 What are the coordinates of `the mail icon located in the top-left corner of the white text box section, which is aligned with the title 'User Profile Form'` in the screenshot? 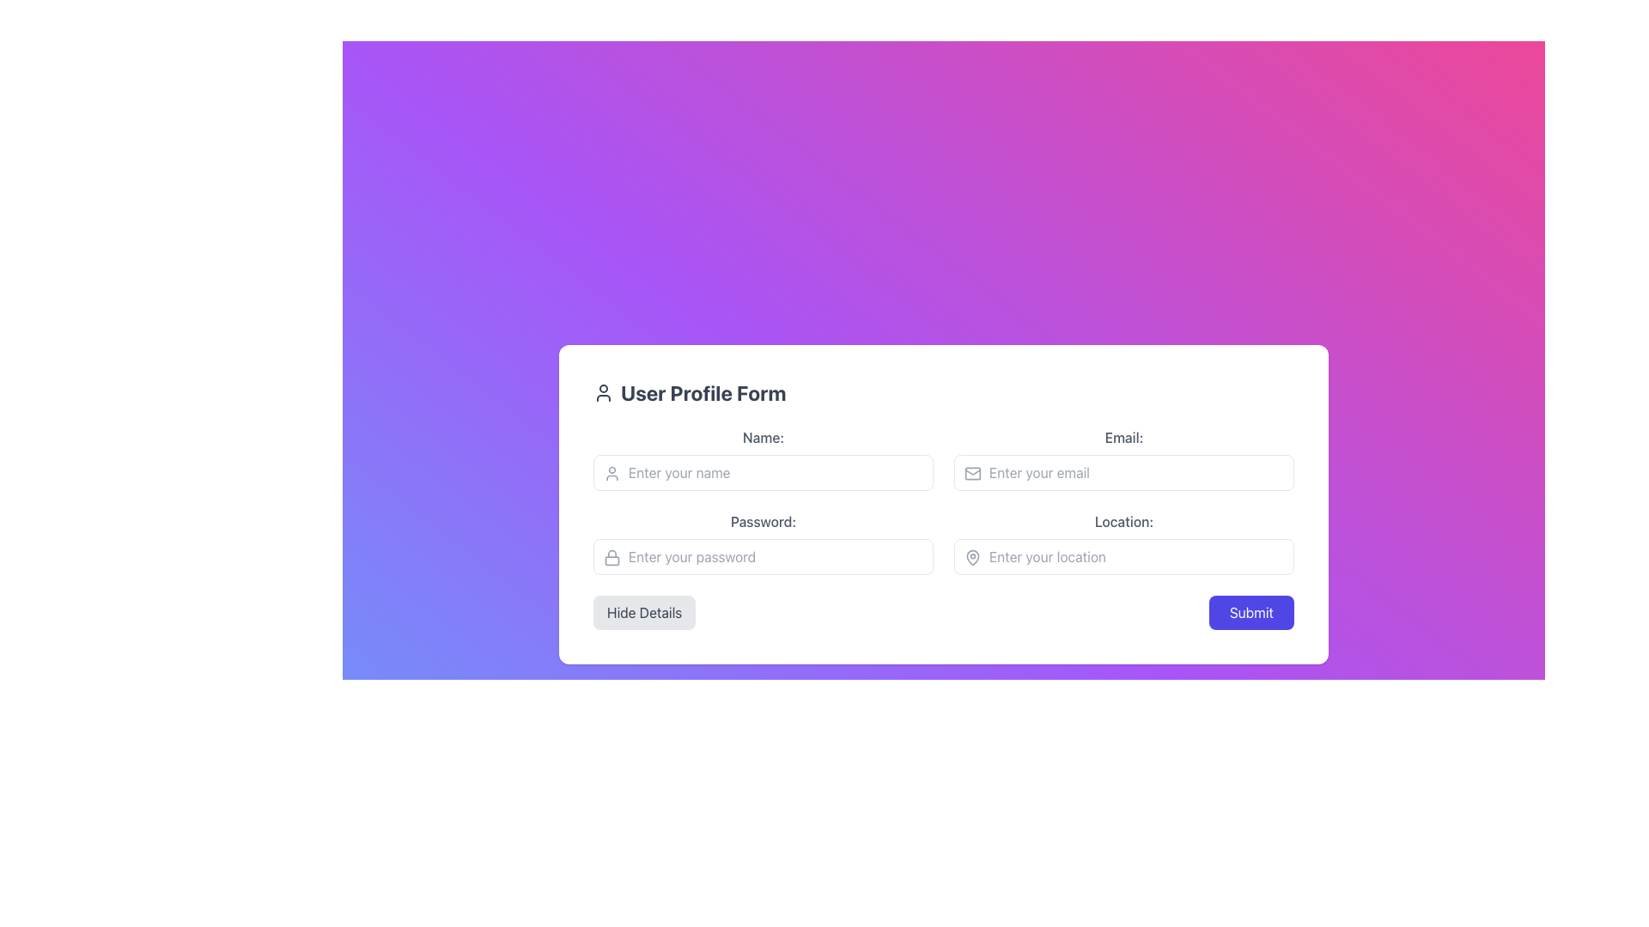 It's located at (972, 472).